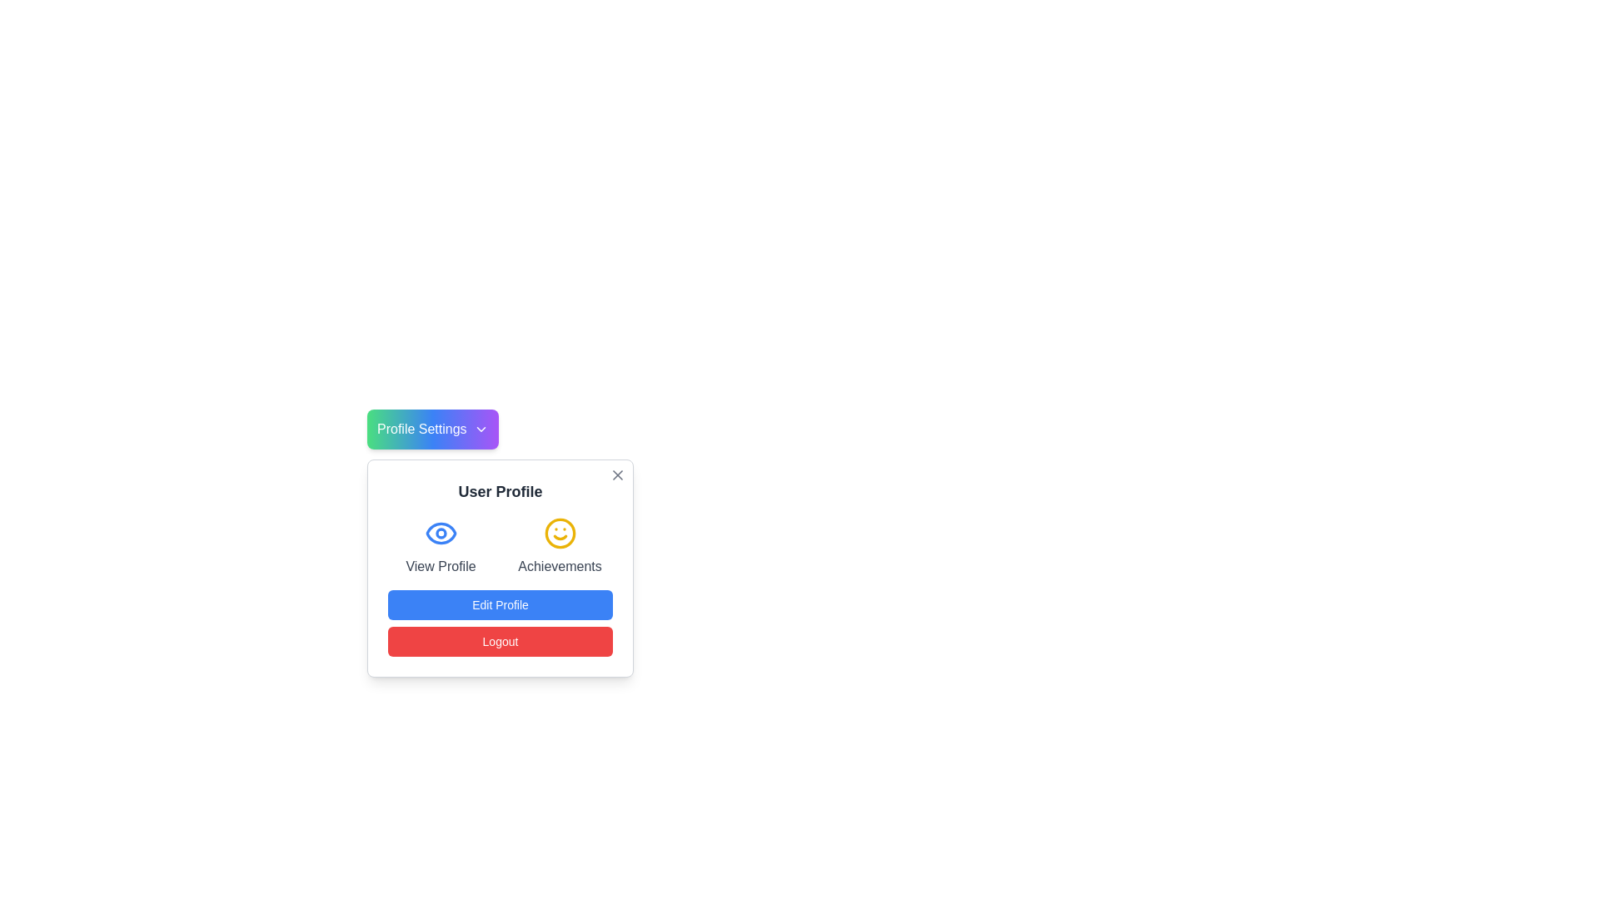 This screenshot has width=1599, height=899. Describe the element at coordinates (560, 566) in the screenshot. I see `the 'Achievements' static text label, which is displayed in gray and positioned beneath the smiley face icon in the 'User Profile' modal` at that location.